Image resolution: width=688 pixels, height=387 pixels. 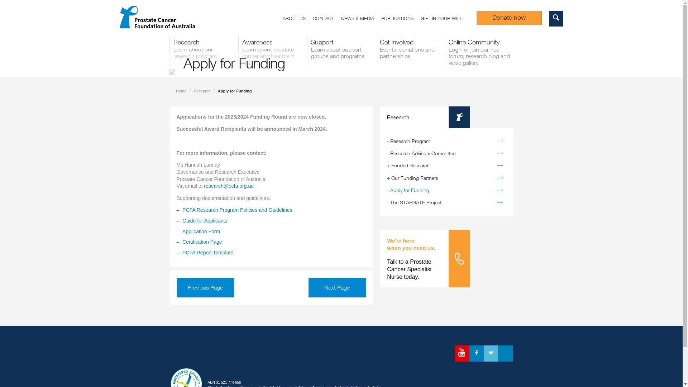 What do you see at coordinates (306, 50) in the screenshot?
I see `'Support` at bounding box center [306, 50].